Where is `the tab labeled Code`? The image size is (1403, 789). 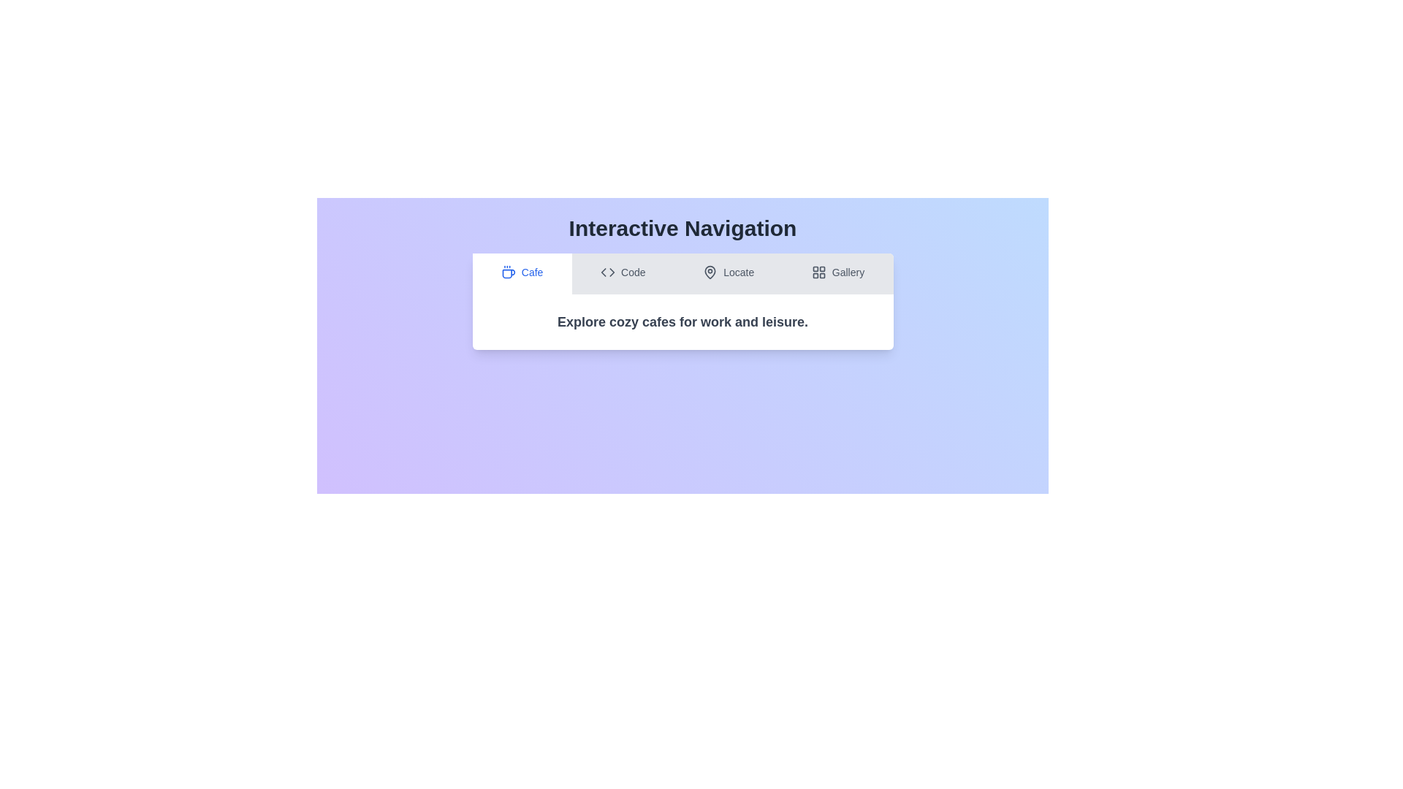 the tab labeled Code is located at coordinates (623, 273).